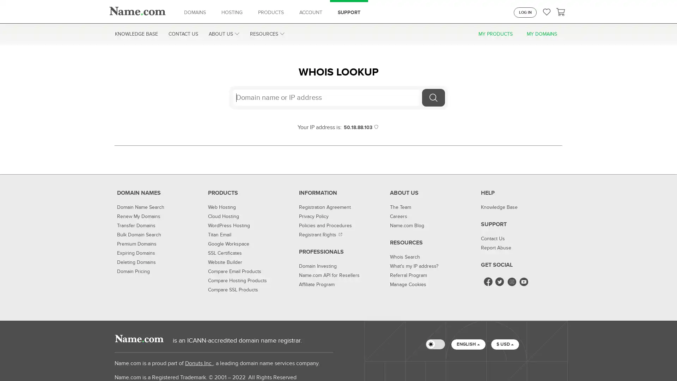 The width and height of the screenshot is (677, 381). What do you see at coordinates (543, 362) in the screenshot?
I see `Accept All Cookies` at bounding box center [543, 362].